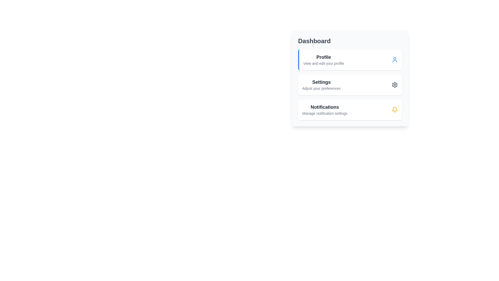 This screenshot has height=281, width=499. What do you see at coordinates (314, 41) in the screenshot?
I see `the 'Dashboard' heading text, which is a bold, large dark gray label located at the top-right area of the interface, making it visually distinct as a prominent heading` at bounding box center [314, 41].